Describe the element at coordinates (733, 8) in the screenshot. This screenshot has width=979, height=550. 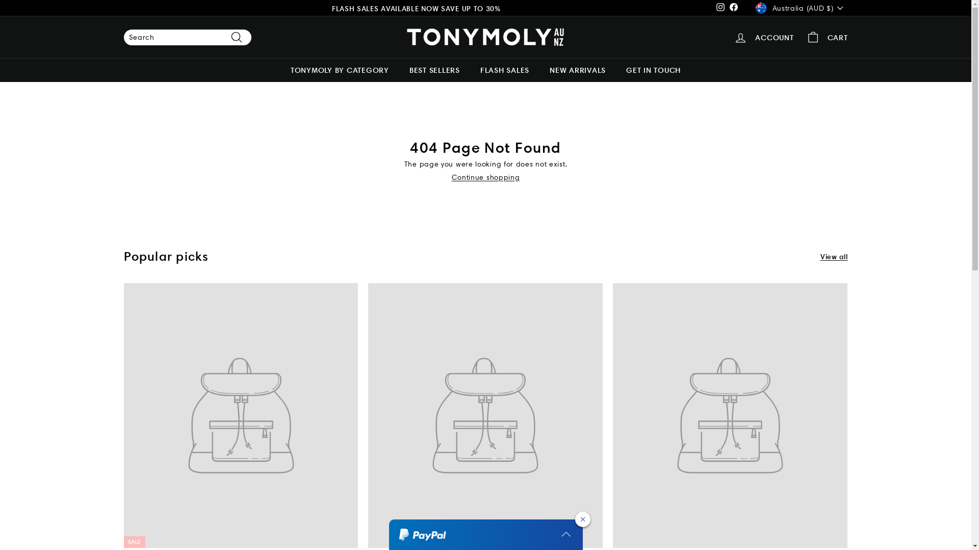
I see `'Facebook'` at that location.